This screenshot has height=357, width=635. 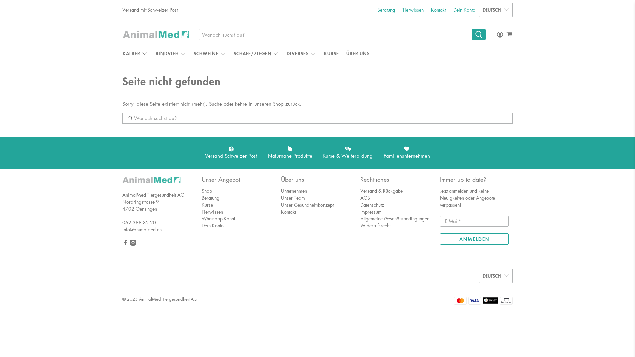 What do you see at coordinates (301, 53) in the screenshot?
I see `'DIVERSES'` at bounding box center [301, 53].